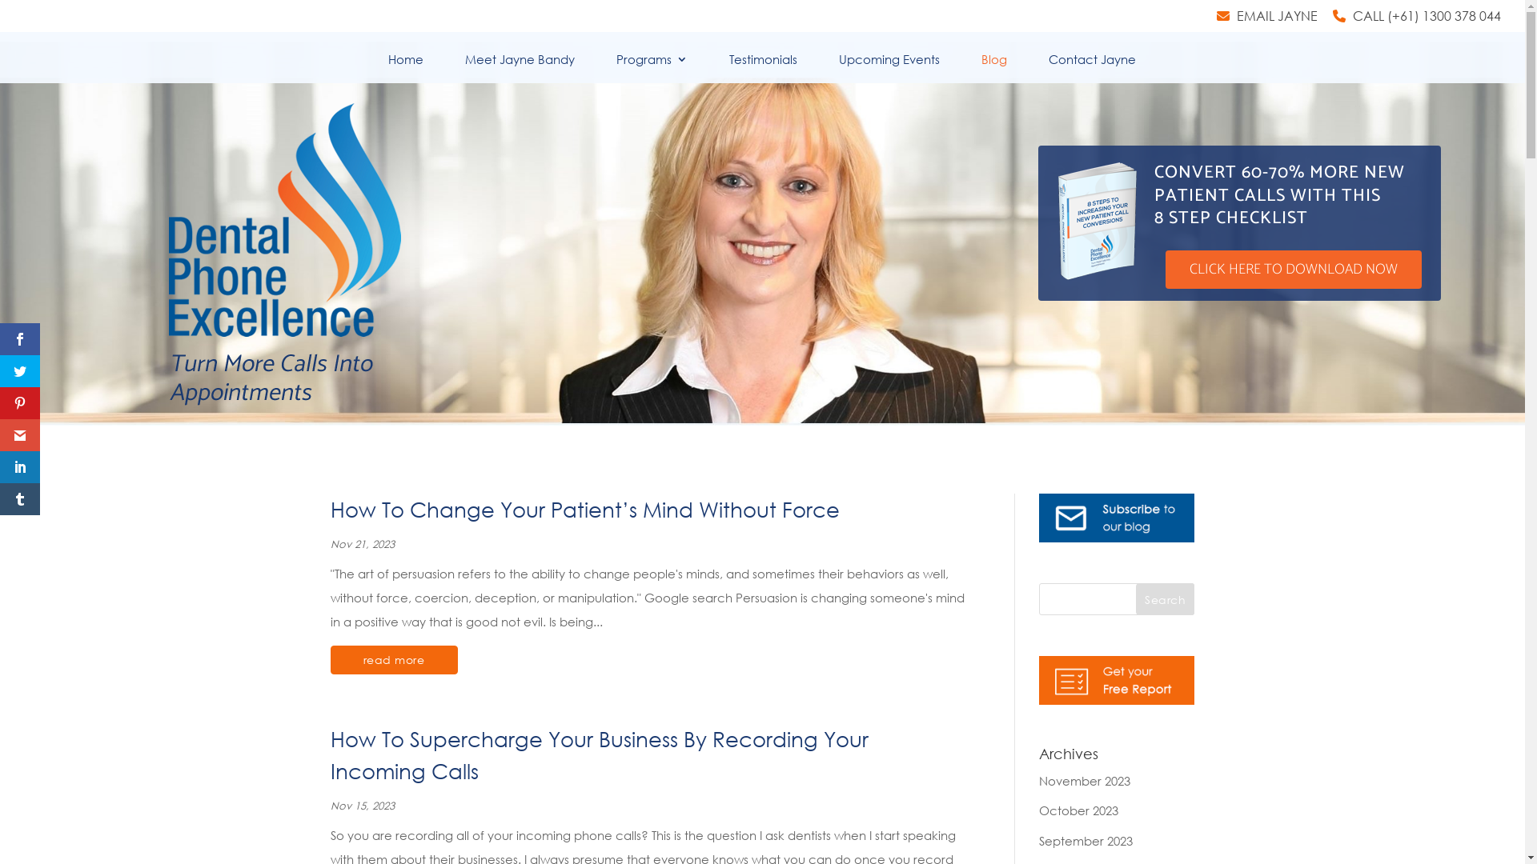  I want to click on 'Programs', so click(652, 67).